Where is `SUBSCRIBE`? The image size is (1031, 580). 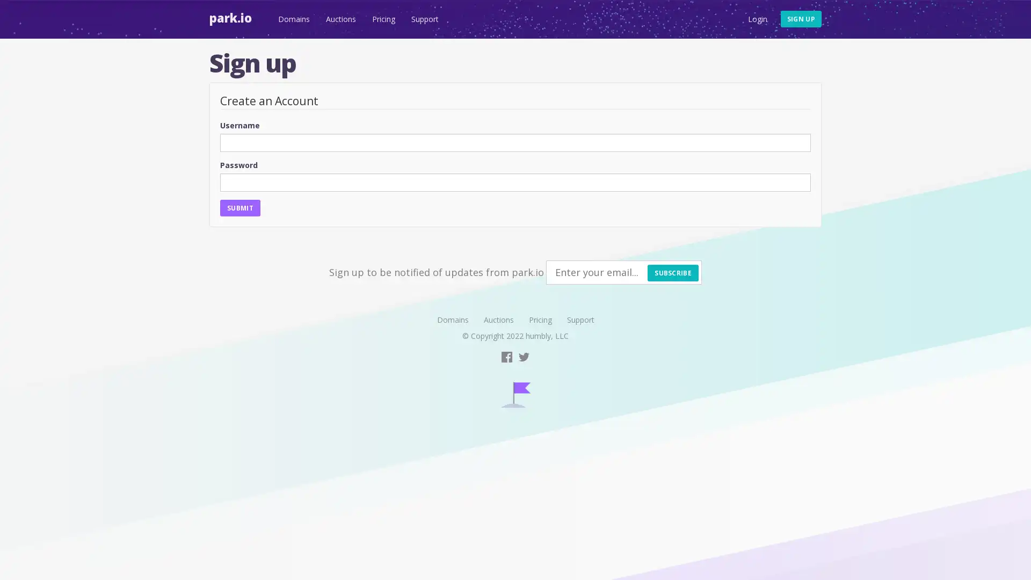 SUBSCRIBE is located at coordinates (672, 272).